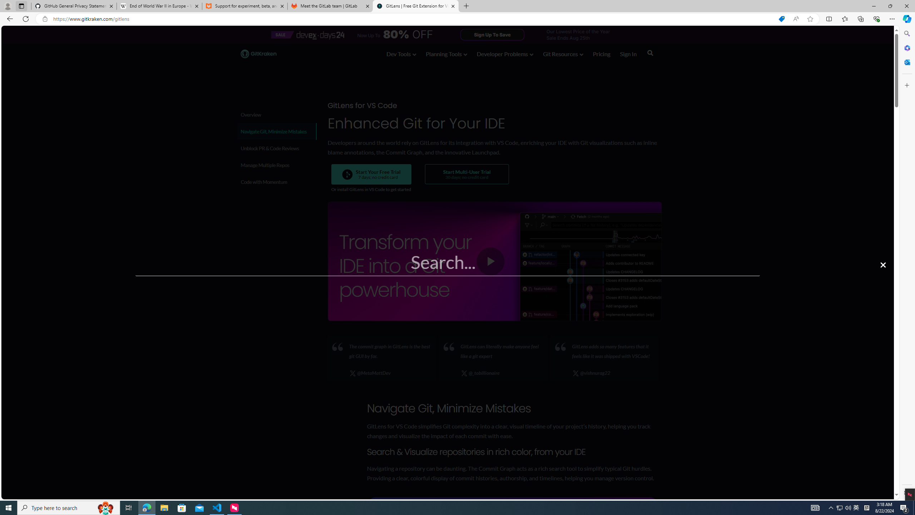 The height and width of the screenshot is (515, 915). What do you see at coordinates (277, 131) in the screenshot?
I see `'Navigate Git, Minimize Mistakes'` at bounding box center [277, 131].